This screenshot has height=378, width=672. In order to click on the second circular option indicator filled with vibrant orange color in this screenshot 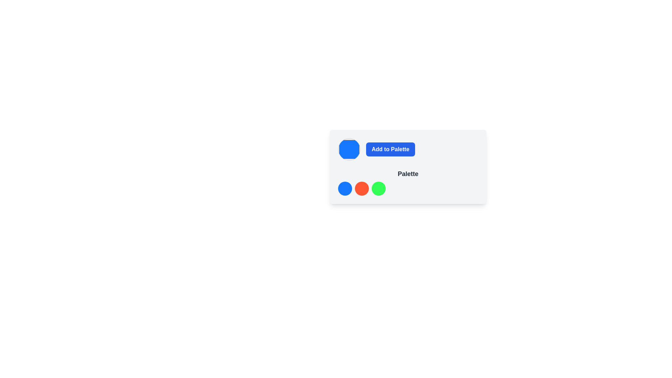, I will do `click(362, 188)`.